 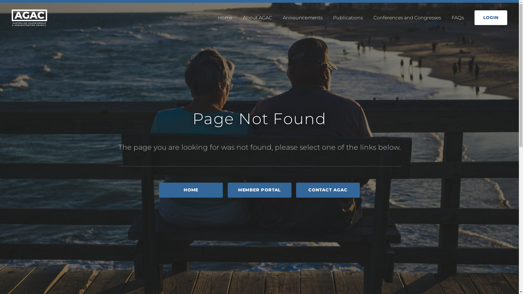 I want to click on 'Australian', so click(x=12, y=17).